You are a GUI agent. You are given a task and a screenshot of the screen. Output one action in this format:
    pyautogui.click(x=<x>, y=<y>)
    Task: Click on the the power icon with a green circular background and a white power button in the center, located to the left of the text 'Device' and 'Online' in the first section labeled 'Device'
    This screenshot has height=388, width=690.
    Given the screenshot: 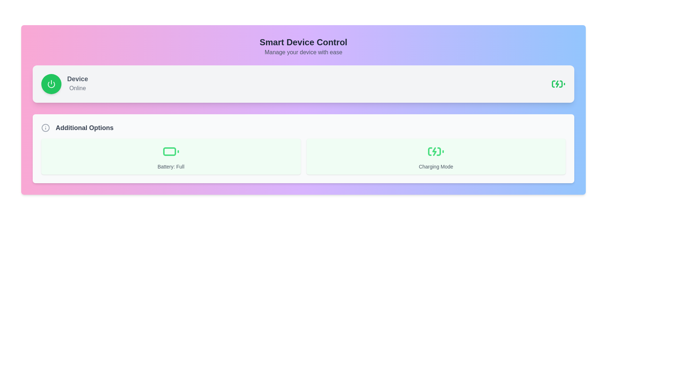 What is the action you would take?
    pyautogui.click(x=51, y=84)
    